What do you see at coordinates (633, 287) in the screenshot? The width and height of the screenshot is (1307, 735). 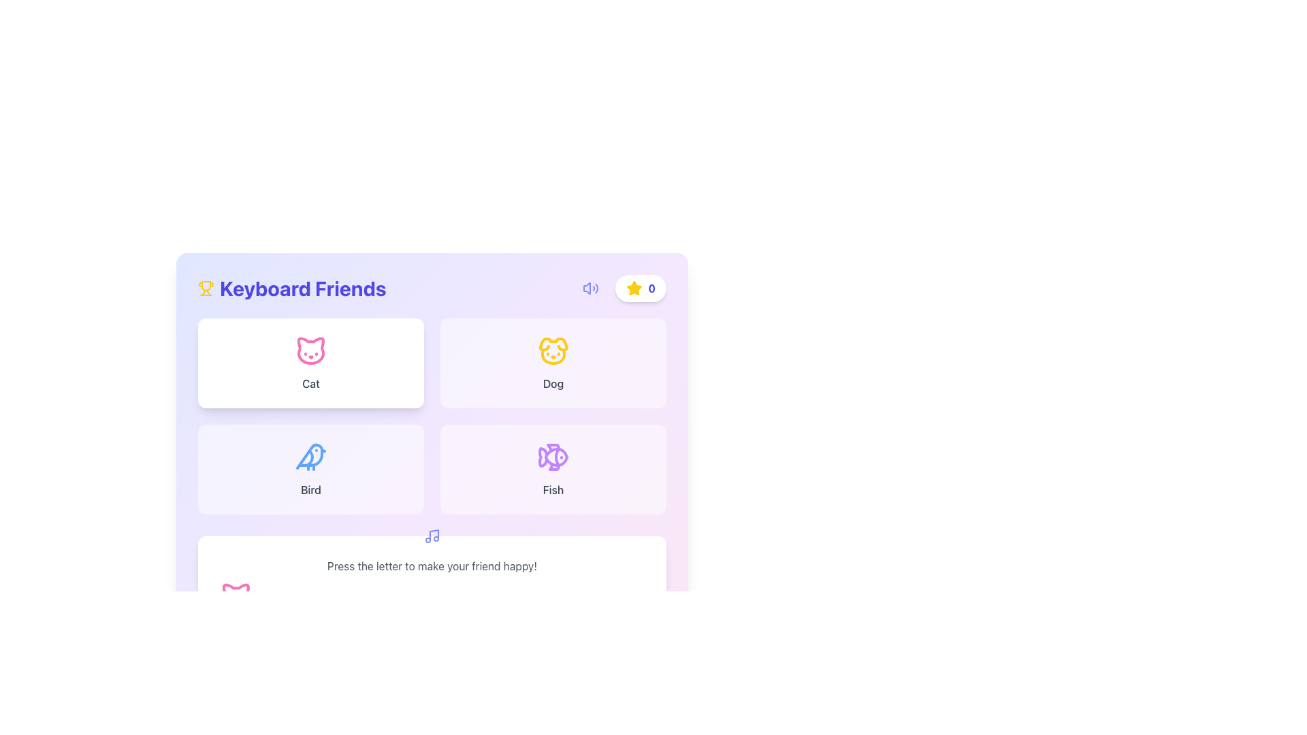 I see `on the star icon located in the top-right corner of the interface, next` at bounding box center [633, 287].